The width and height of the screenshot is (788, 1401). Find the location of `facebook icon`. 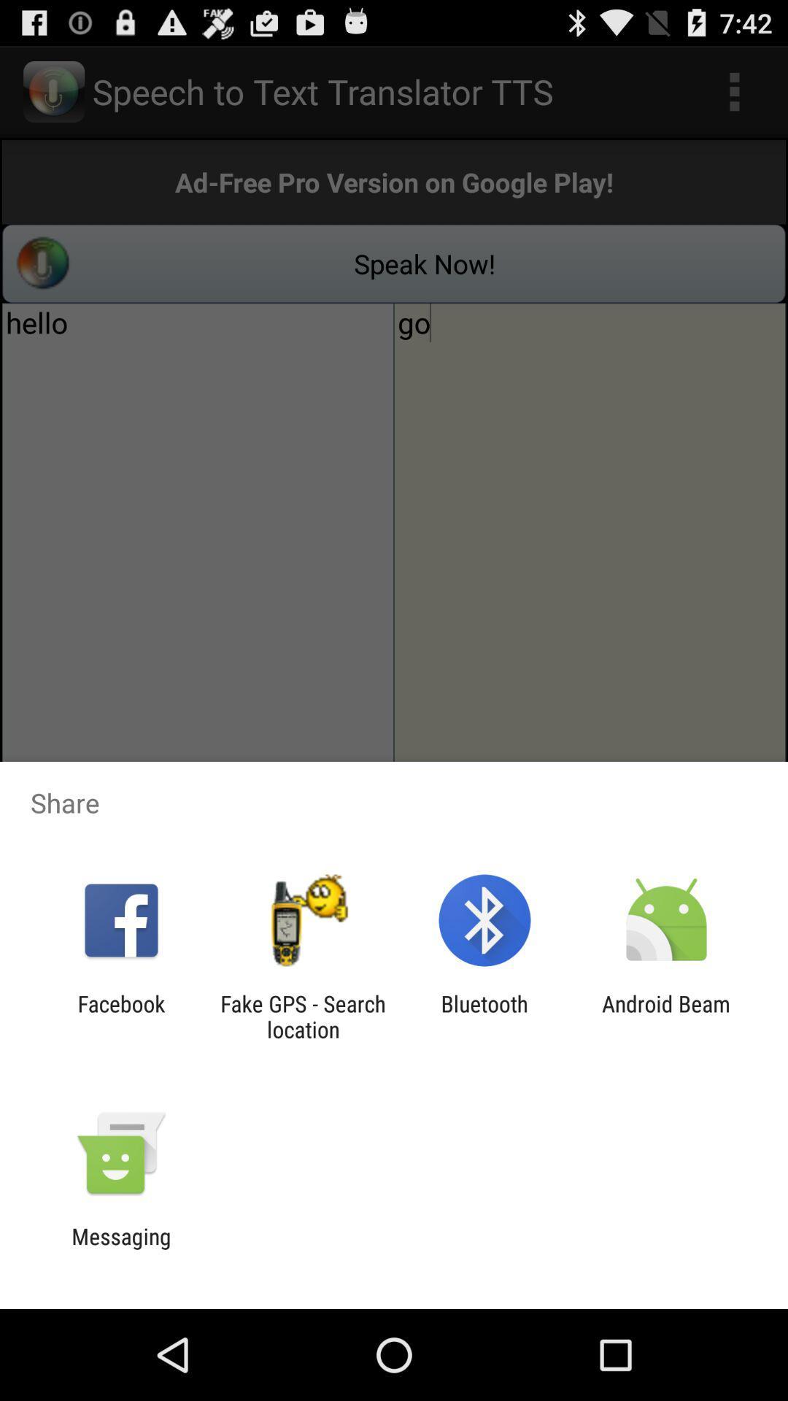

facebook icon is located at coordinates (120, 1016).